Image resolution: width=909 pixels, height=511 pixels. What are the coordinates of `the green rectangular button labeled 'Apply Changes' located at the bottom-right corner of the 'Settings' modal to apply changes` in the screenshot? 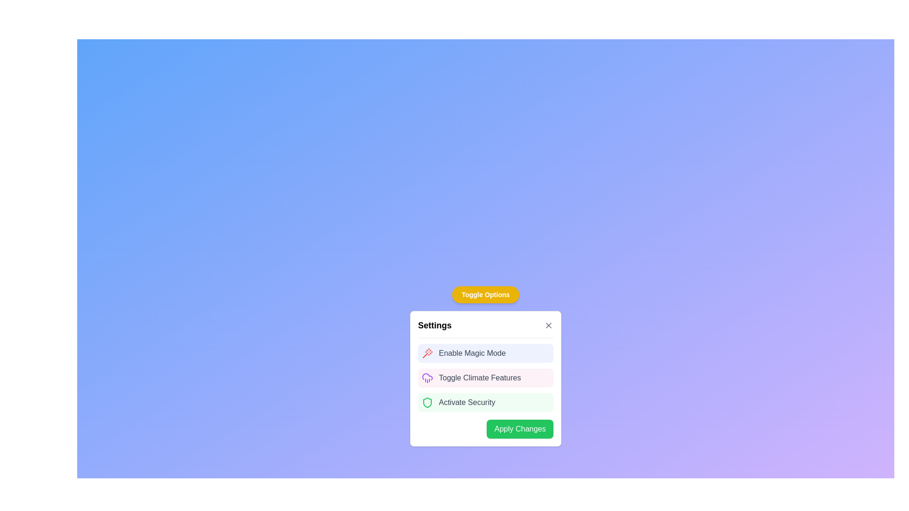 It's located at (519, 429).